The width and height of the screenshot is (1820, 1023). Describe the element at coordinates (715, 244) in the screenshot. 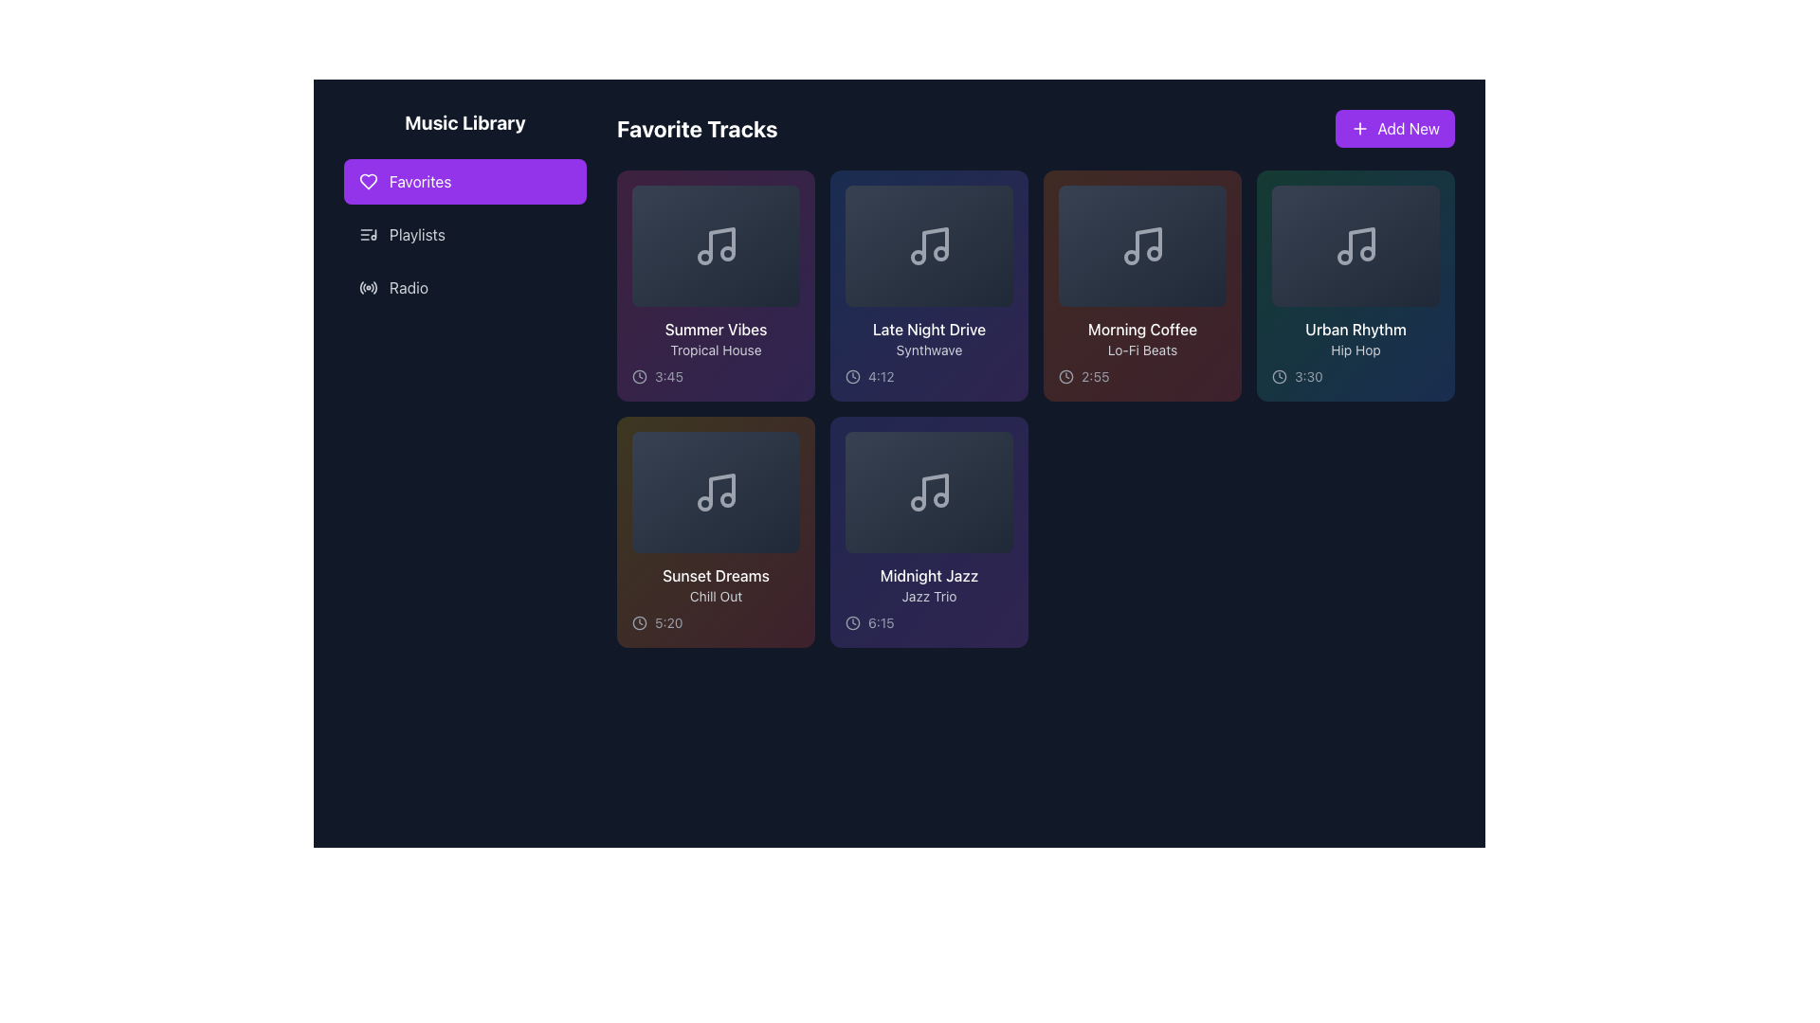

I see `the top-left card in the grid labeled 'Summer Vibes' that contains a musical note icon` at that location.